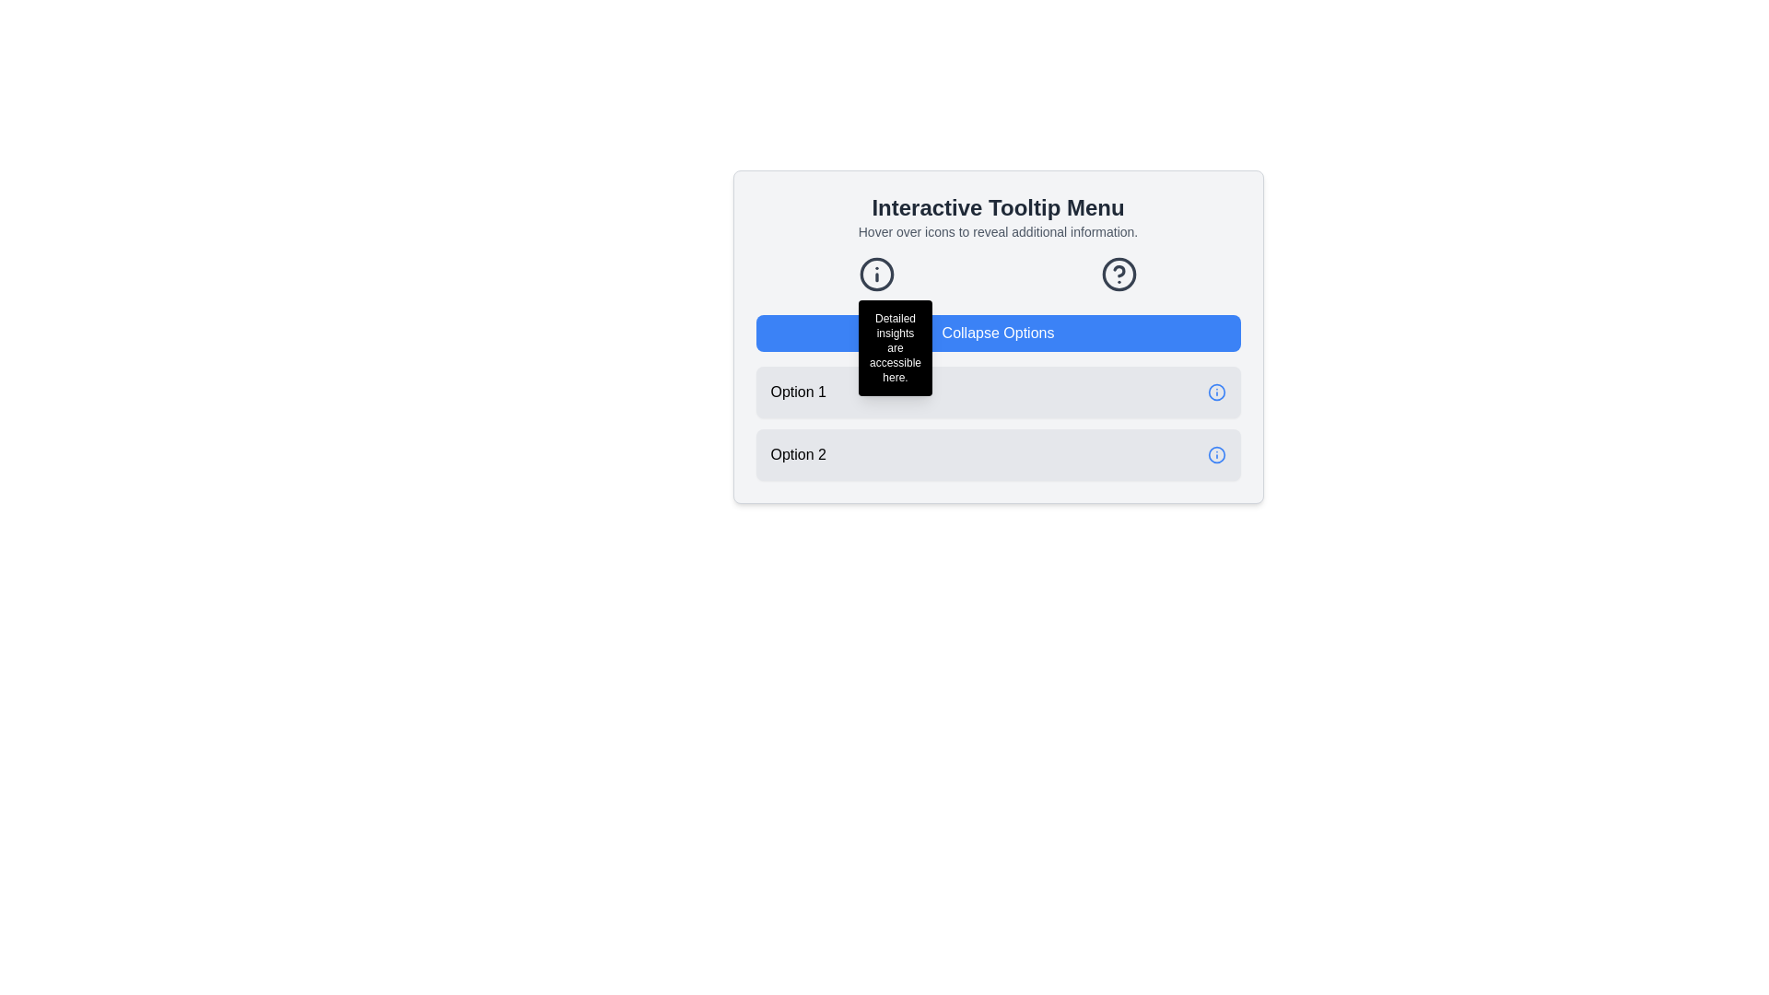 The height and width of the screenshot is (995, 1769). I want to click on the tooltip located below the circular information icon in the top-left section of the interface to keep it visible, so click(896, 348).